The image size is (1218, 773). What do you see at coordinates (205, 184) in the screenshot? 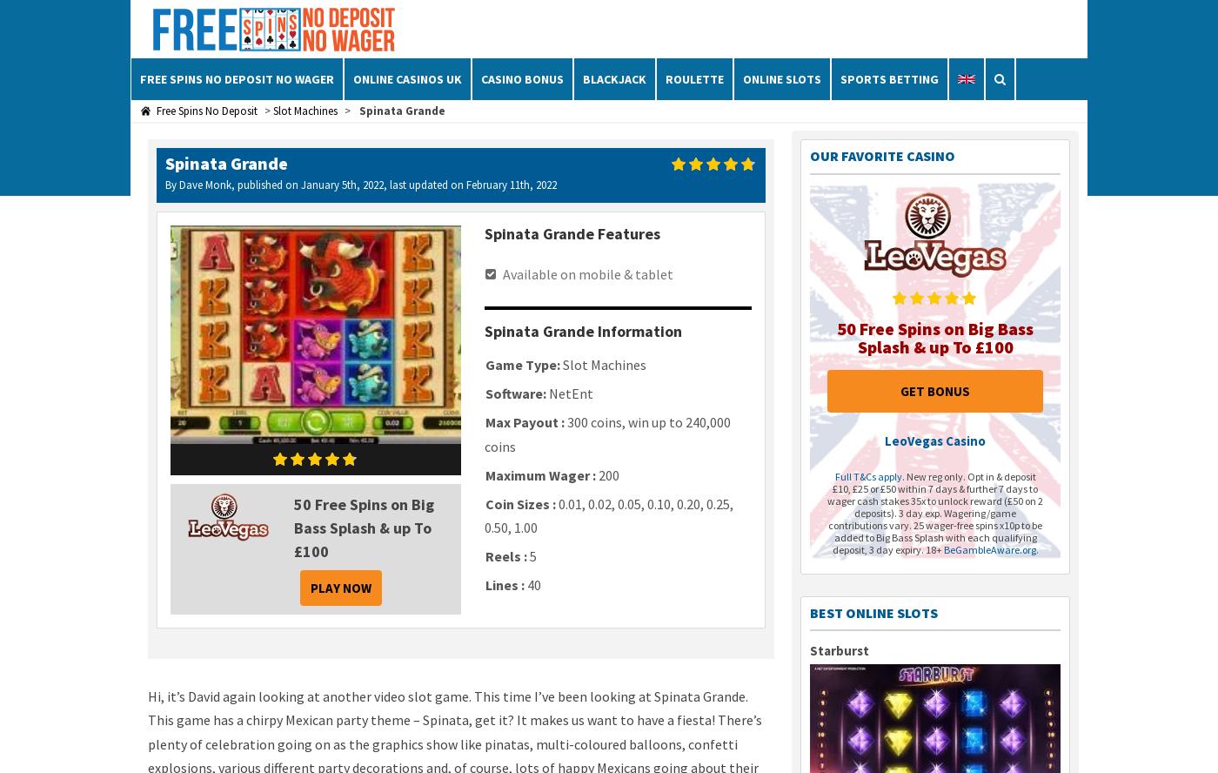
I see `'Dave Monk'` at bounding box center [205, 184].